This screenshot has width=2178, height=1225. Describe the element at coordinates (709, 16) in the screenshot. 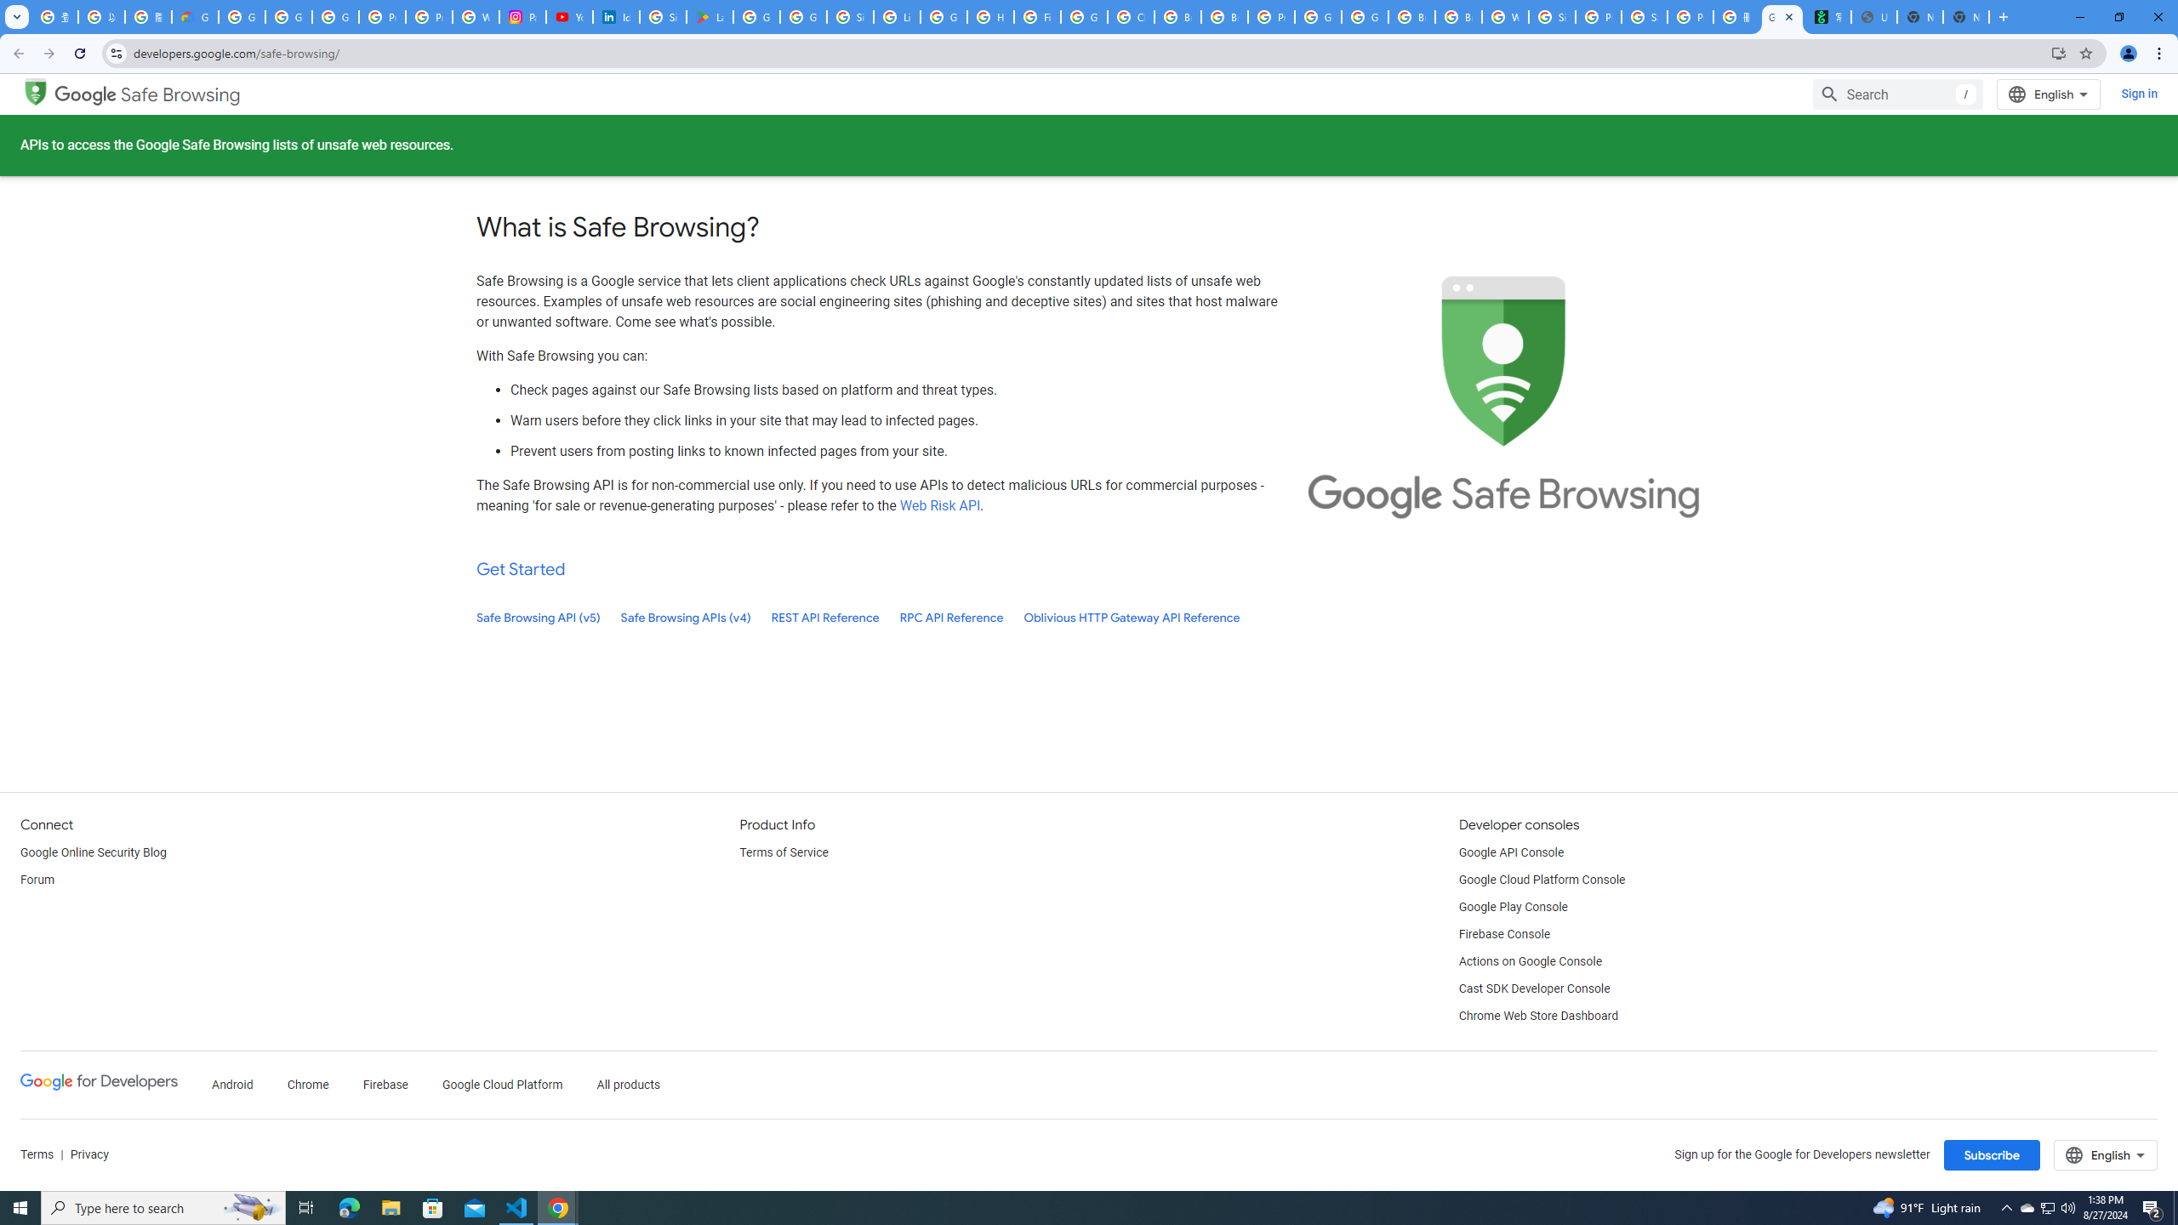

I see `'Last Shelter: Survival - Apps on Google Play'` at that location.